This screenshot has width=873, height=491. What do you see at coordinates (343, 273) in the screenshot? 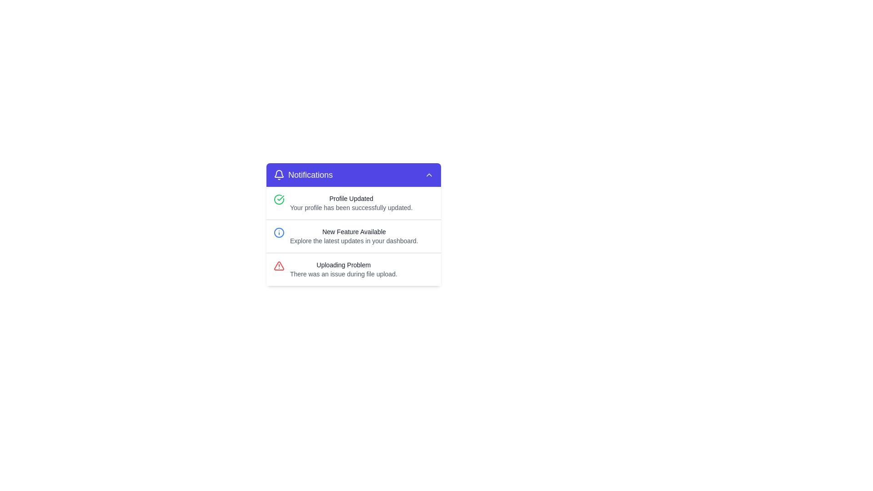
I see `text message that states 'There was an issue during file upload.' which is located beneath the bold title 'Uploading Problem' within the notification card` at bounding box center [343, 273].